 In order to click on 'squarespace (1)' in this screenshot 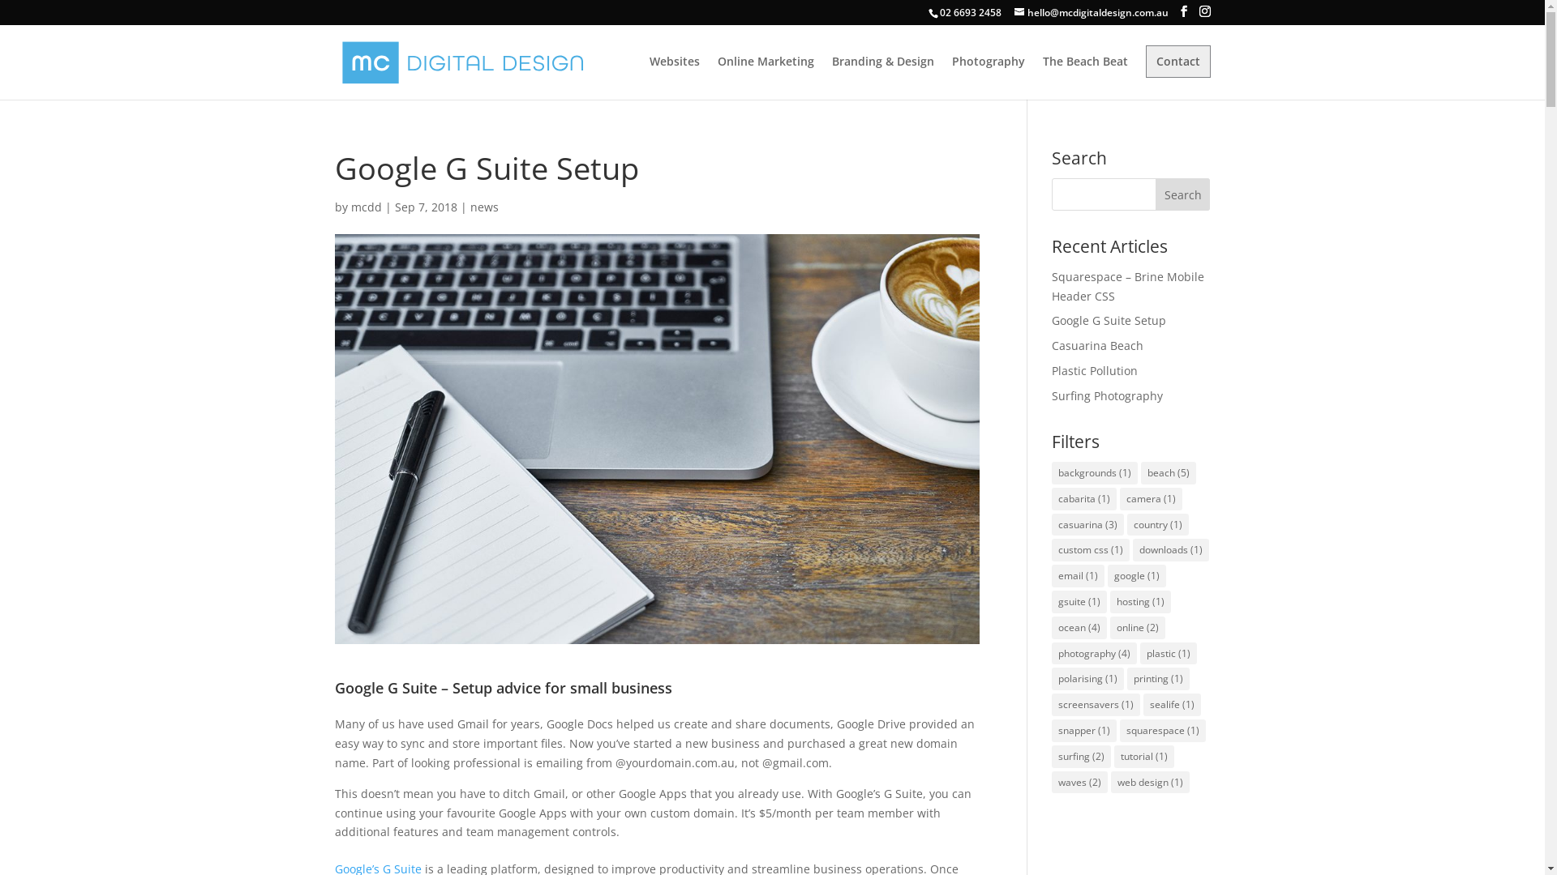, I will do `click(1162, 731)`.